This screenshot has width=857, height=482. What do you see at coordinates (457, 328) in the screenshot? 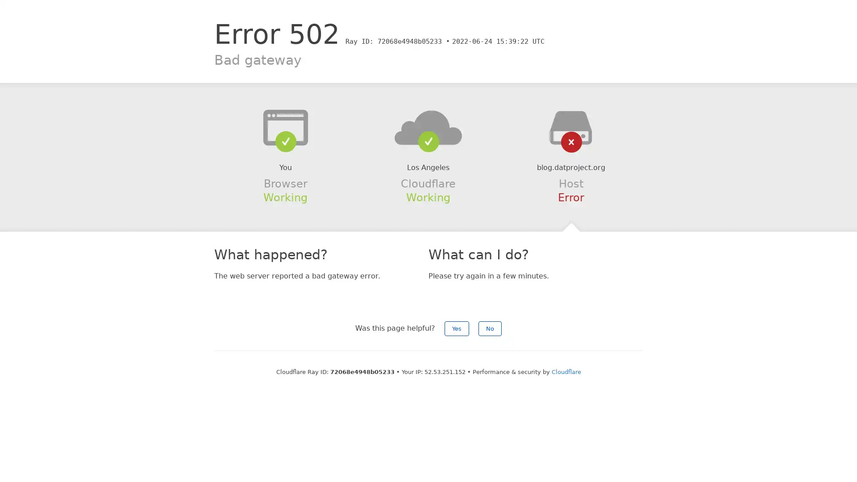
I see `Yes` at bounding box center [457, 328].